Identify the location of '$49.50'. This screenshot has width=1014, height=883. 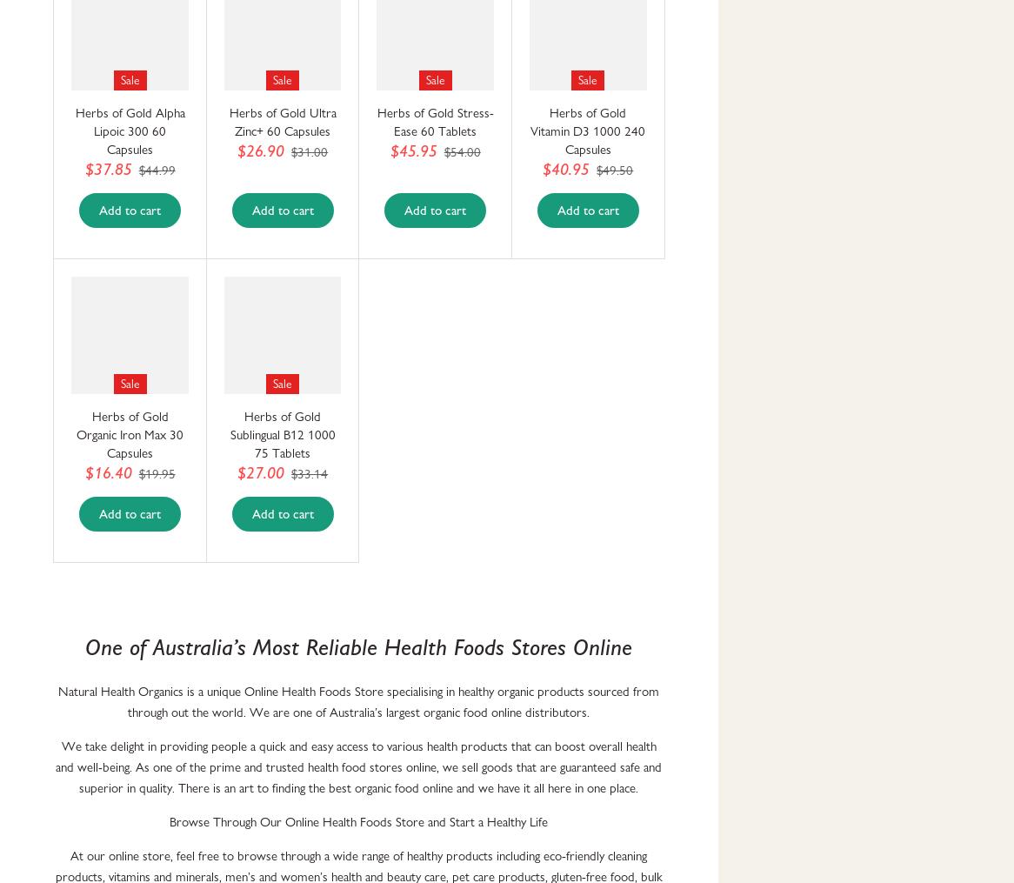
(595, 169).